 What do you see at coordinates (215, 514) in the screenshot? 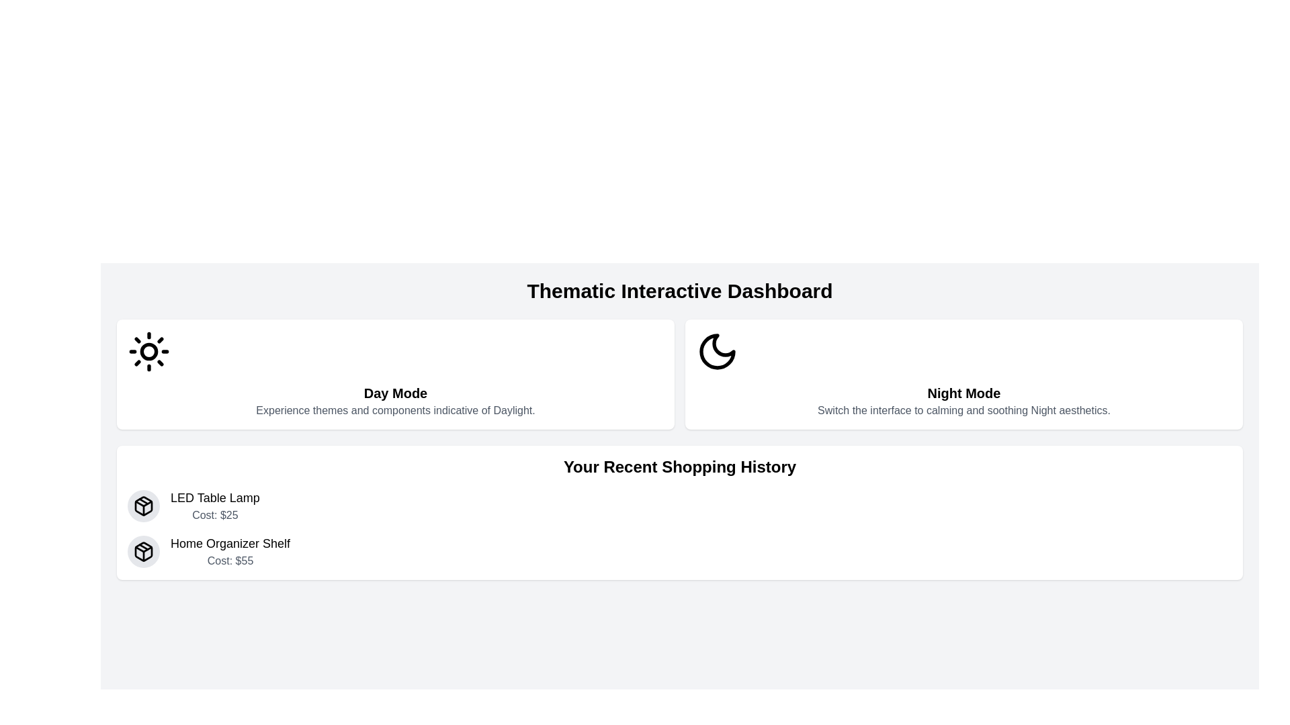
I see `the text label element that reads 'Cost: $25', which is styled in a small gray font and is centered on a white background, positioned directly underneath the 'LED Table Lamp' label in the 'Your Recent Shopping History' section` at bounding box center [215, 514].